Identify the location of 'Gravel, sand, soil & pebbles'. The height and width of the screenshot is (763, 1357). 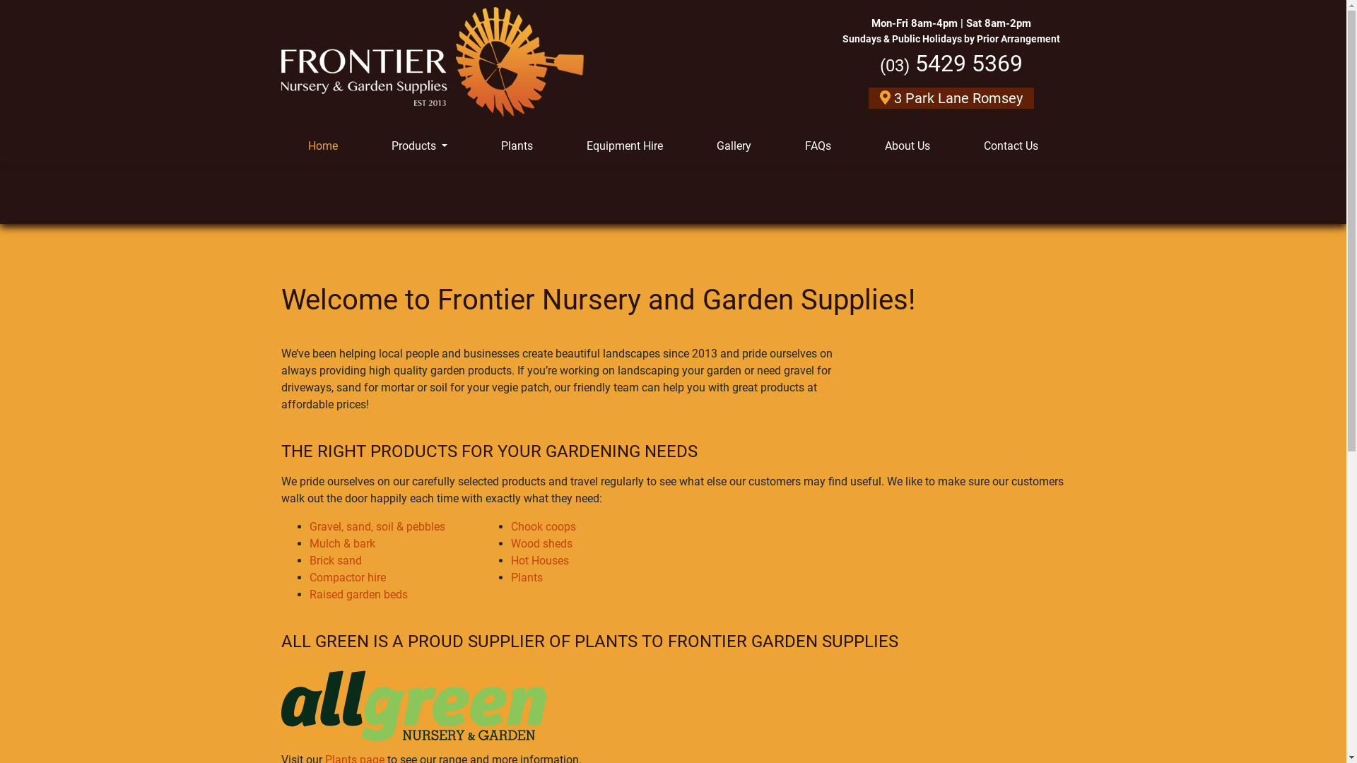
(377, 526).